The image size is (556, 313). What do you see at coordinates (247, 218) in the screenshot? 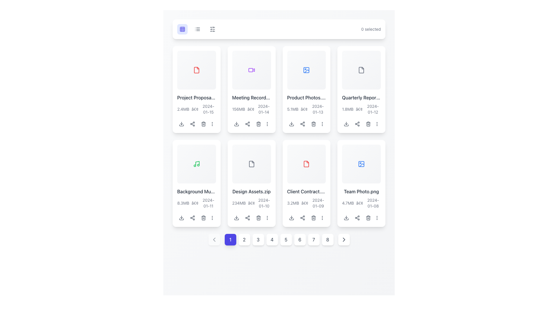
I see `the icon button located in the second row, second column of the grid layout within the 'Design Assets.zip' file thumbnail to initiate the sharing process` at bounding box center [247, 218].